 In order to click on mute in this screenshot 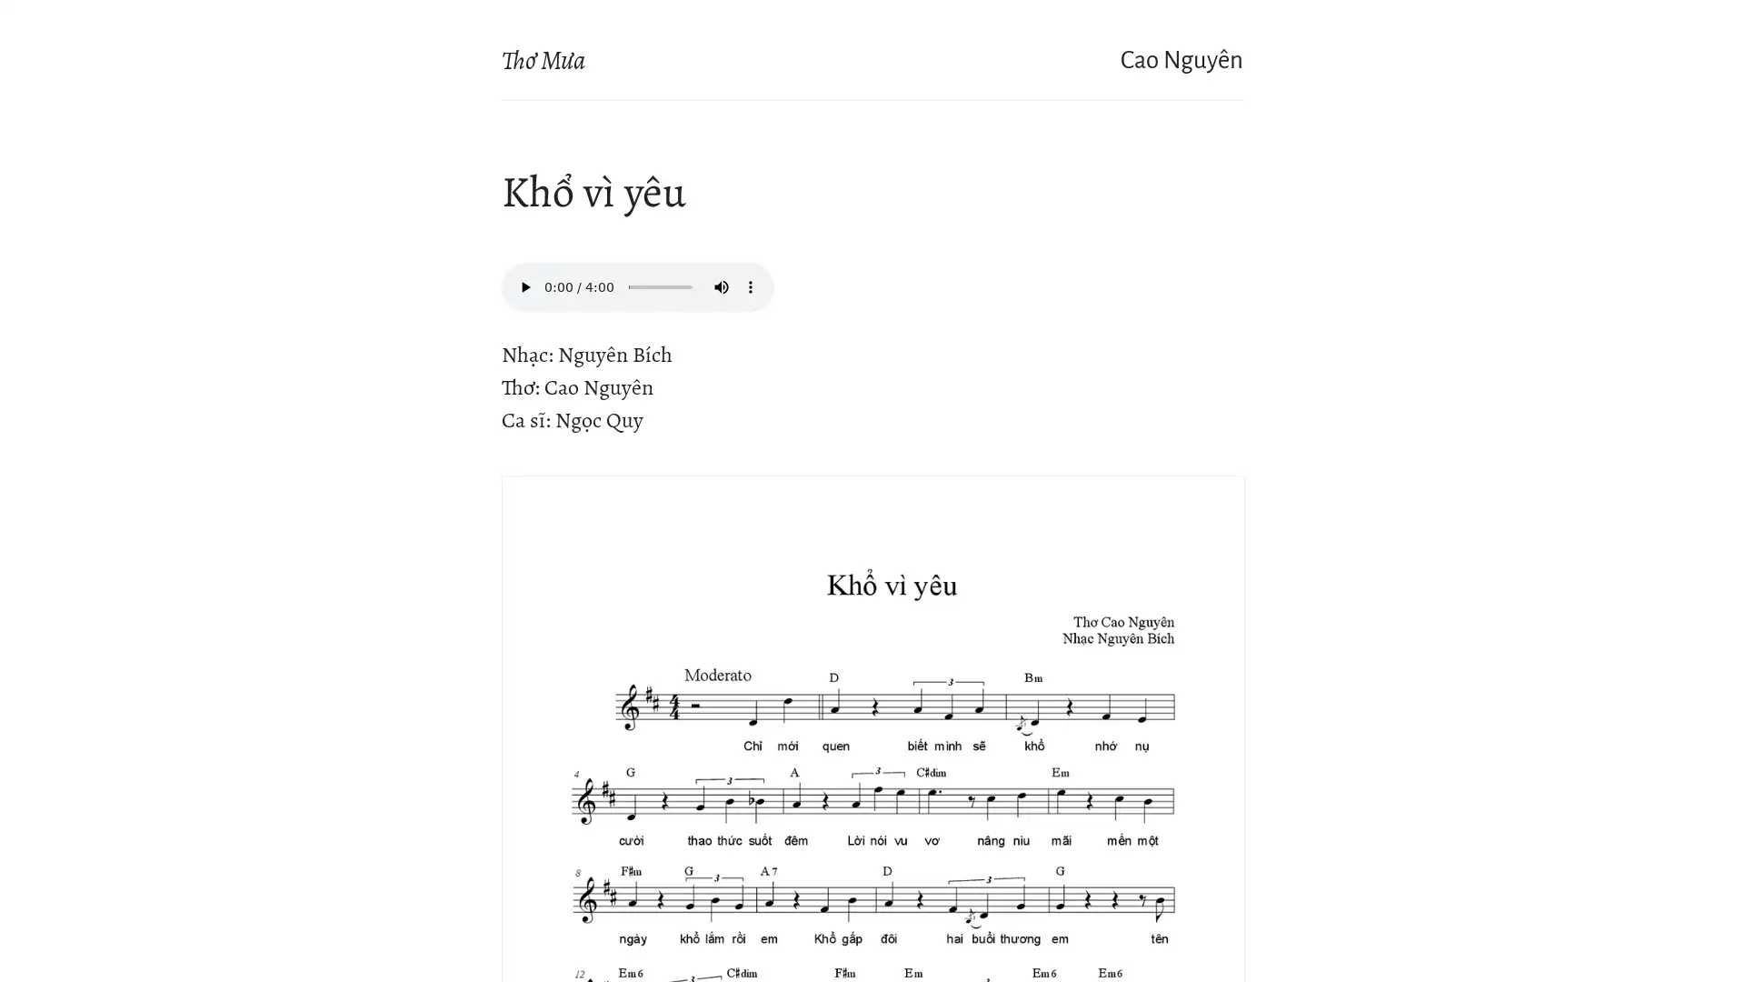, I will do `click(720, 286)`.